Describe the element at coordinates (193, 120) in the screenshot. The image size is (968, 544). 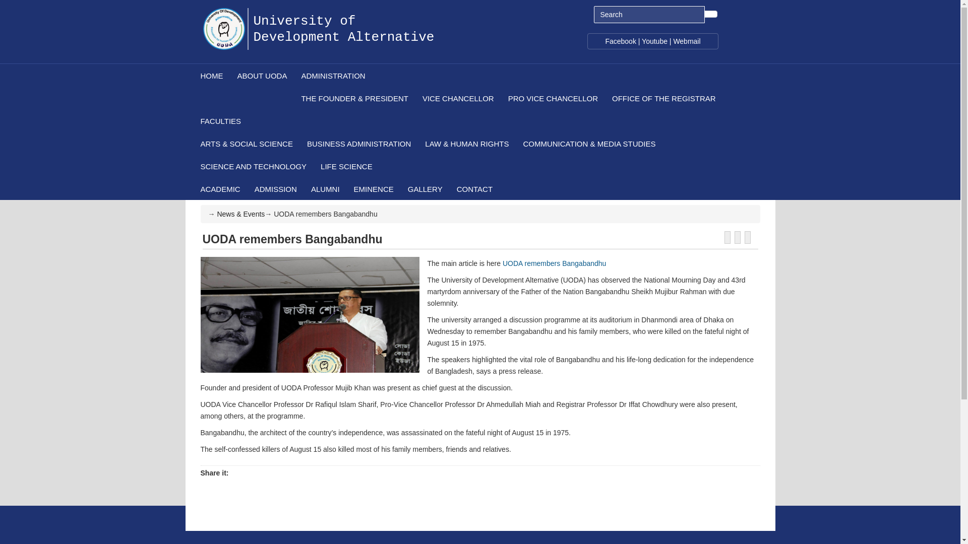
I see `'FACULTIES'` at that location.